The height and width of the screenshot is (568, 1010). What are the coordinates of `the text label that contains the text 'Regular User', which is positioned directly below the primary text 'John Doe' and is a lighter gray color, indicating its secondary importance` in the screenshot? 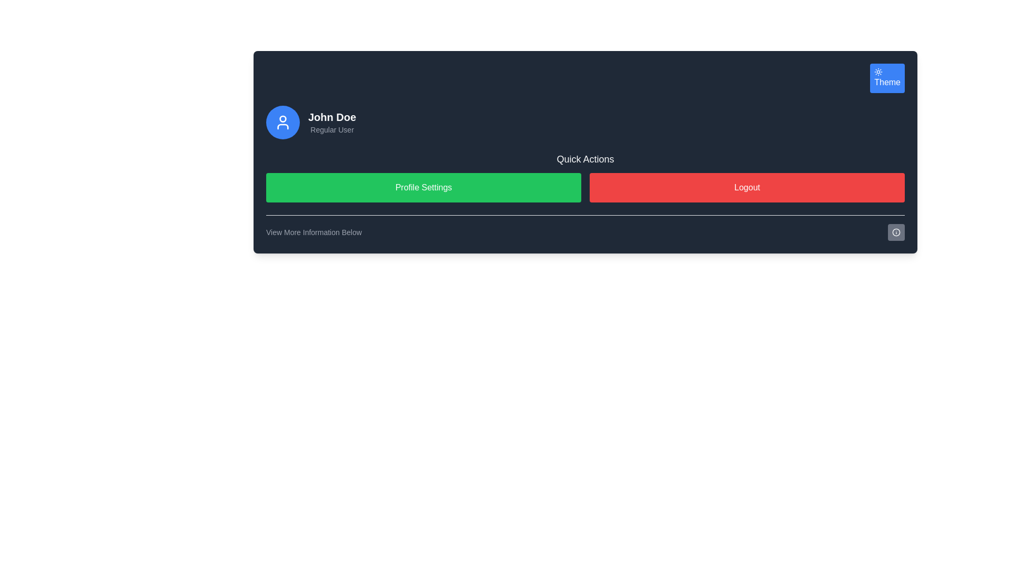 It's located at (331, 129).